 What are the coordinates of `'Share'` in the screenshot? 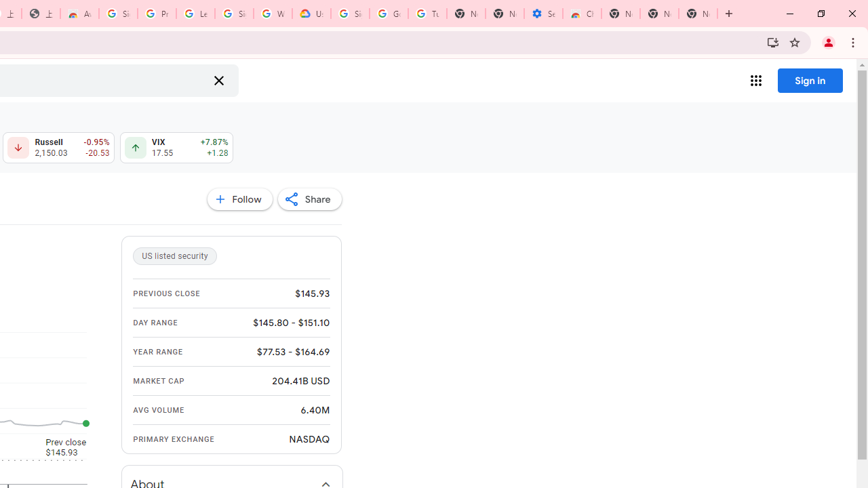 It's located at (309, 199).